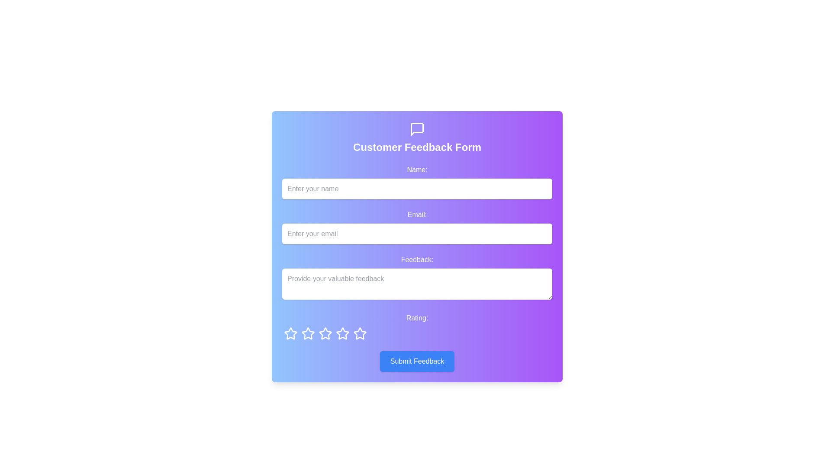 This screenshot has width=831, height=467. I want to click on the fourth star icon in the rating section of the feedback form, so click(324, 333).